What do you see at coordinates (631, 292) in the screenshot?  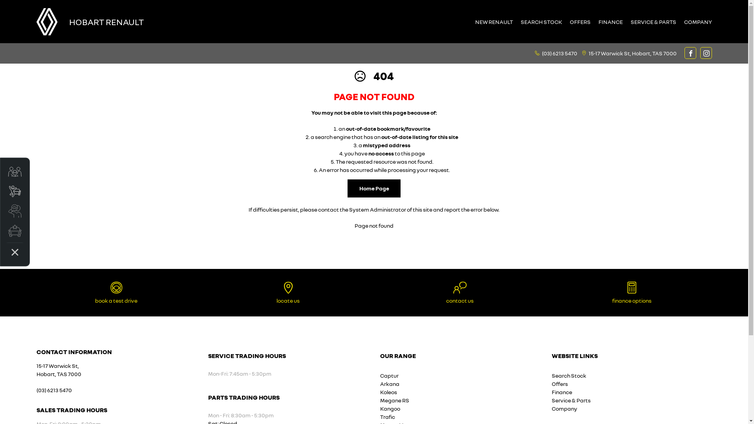 I see `'finance options'` at bounding box center [631, 292].